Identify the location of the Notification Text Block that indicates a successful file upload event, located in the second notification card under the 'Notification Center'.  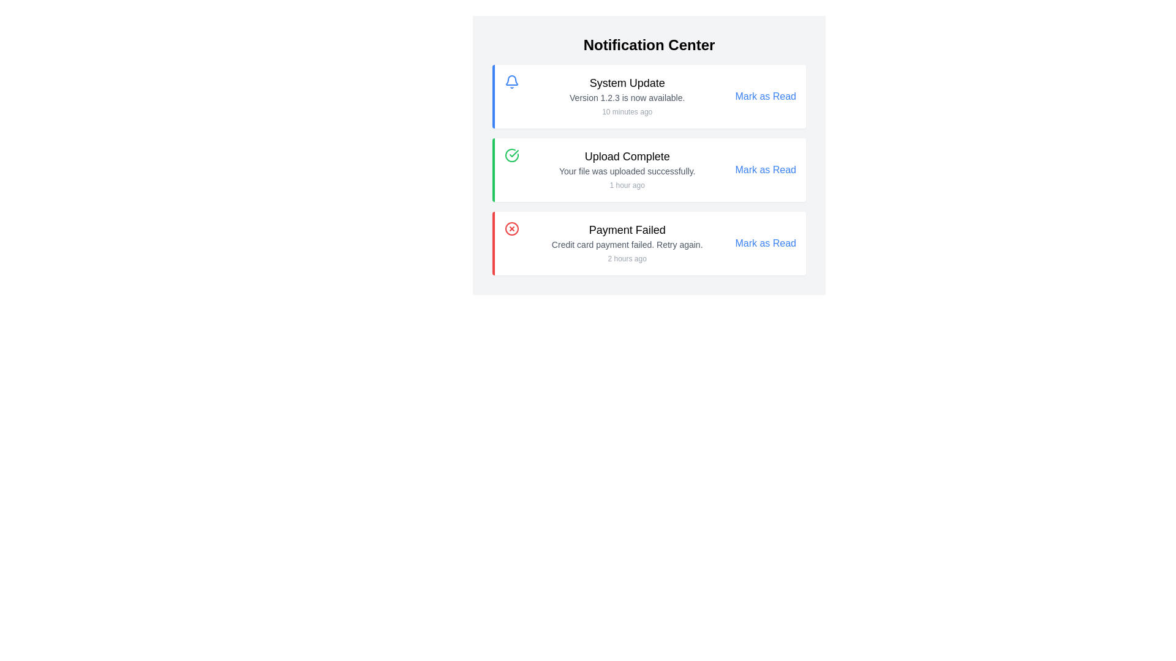
(627, 170).